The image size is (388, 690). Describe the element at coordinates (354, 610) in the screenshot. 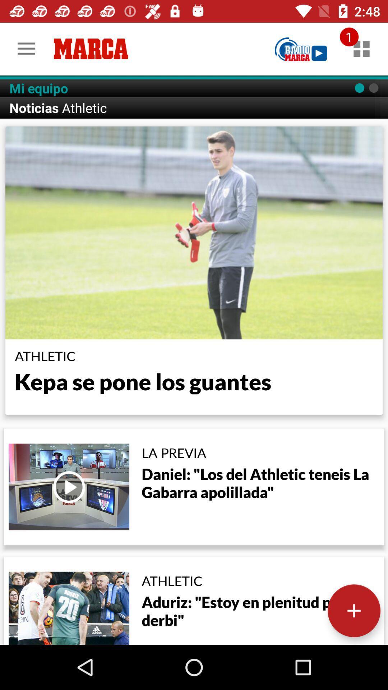

I see `more` at that location.